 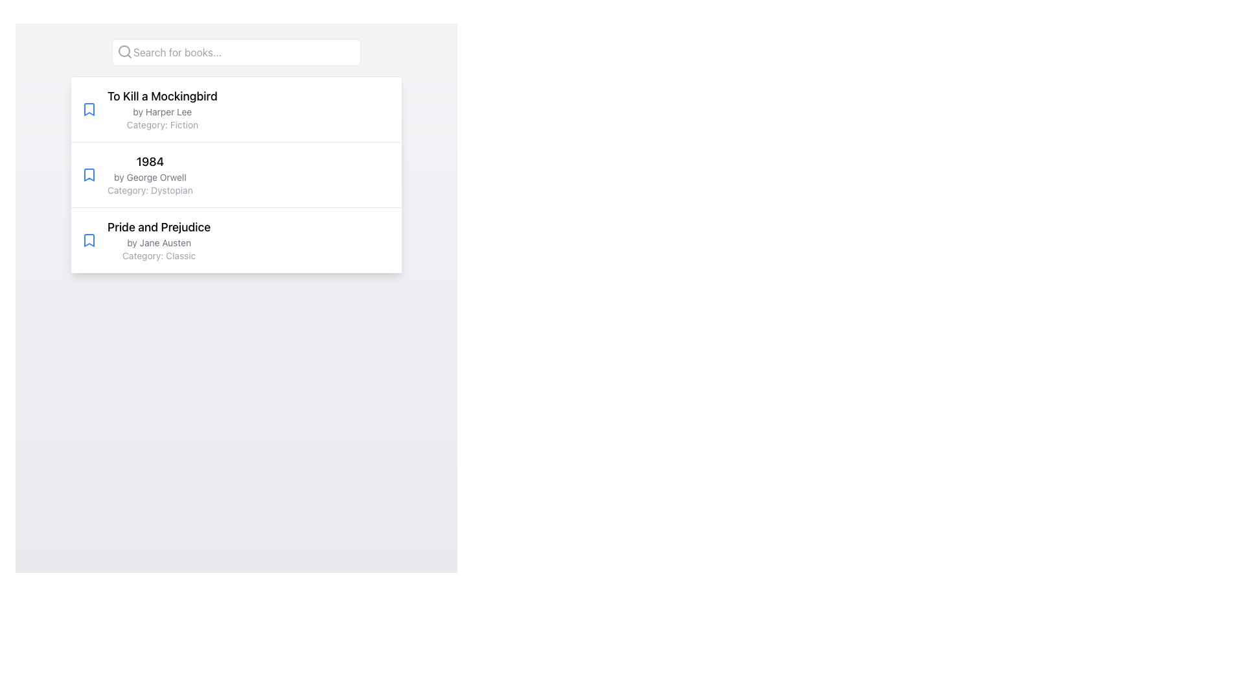 I want to click on the text label displaying 'by Jane Austen', which is styled in gray and located beneath the title 'Pride and Prejudice' in the book listing, so click(x=158, y=242).